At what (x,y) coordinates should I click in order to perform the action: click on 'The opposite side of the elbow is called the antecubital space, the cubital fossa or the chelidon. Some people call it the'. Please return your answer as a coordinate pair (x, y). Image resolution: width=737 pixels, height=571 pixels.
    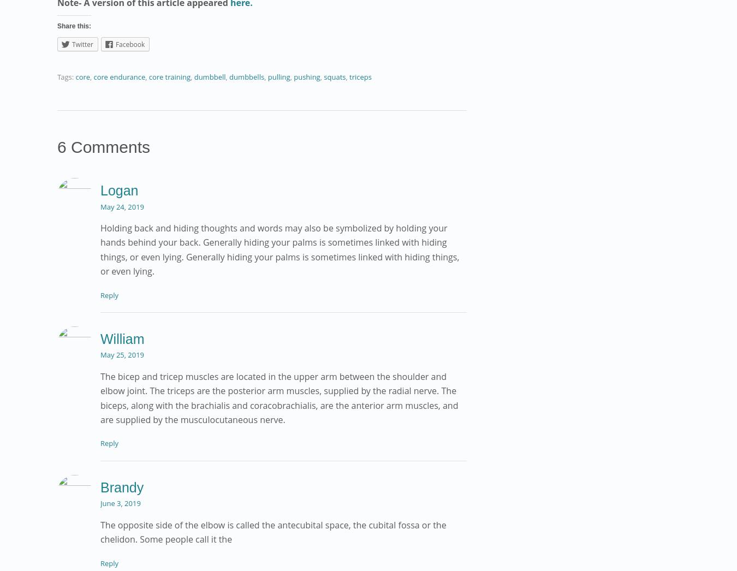
    Looking at the image, I should click on (272, 531).